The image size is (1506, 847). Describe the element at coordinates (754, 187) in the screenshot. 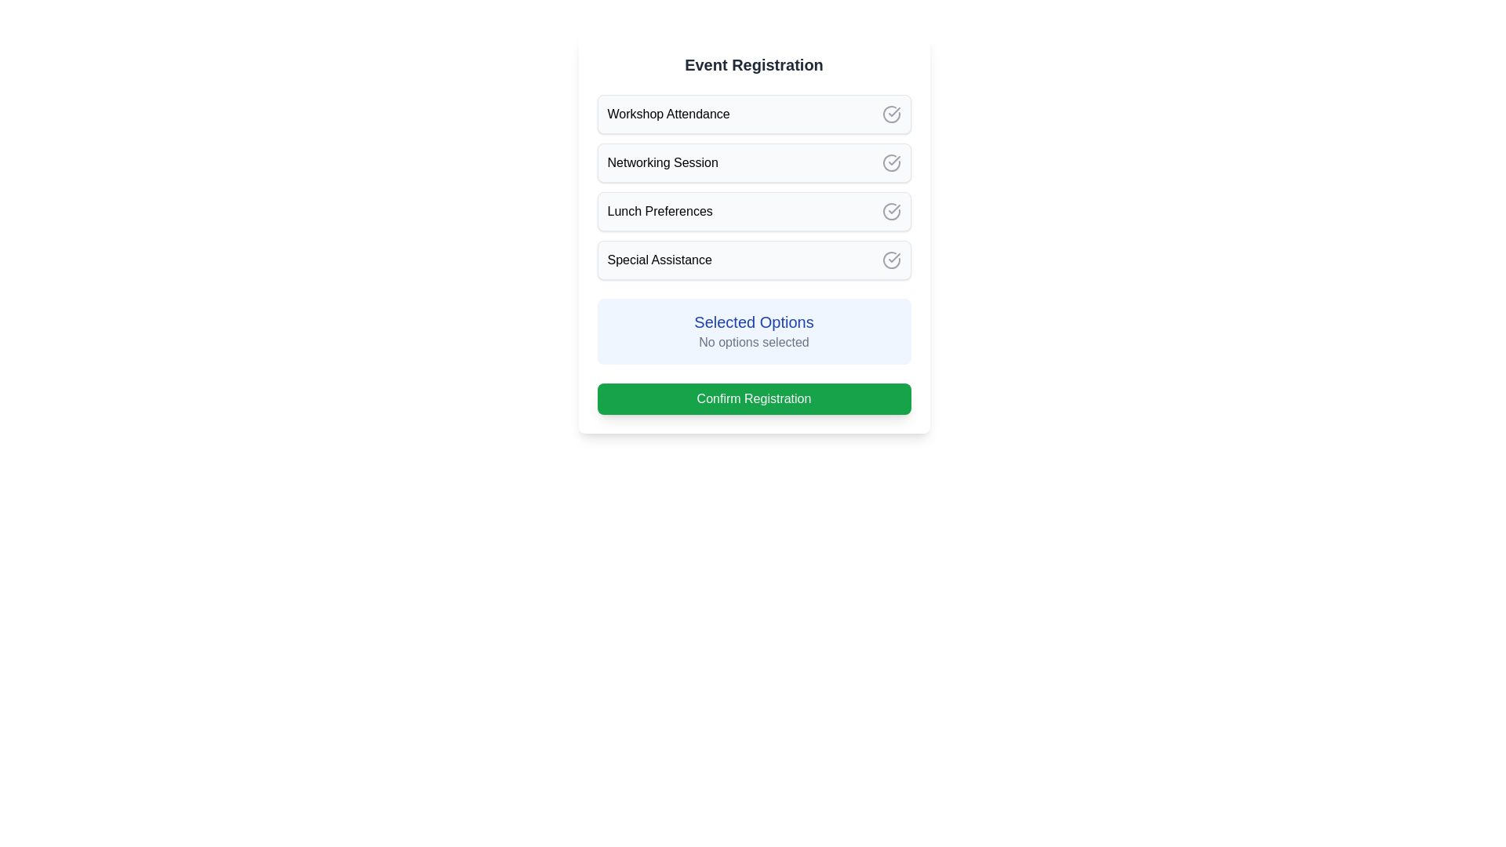

I see `the list component displaying selectable items for 'Workshop Attendance', 'Networking Session', 'Lunch Preferences', and 'Special Assistance'` at that location.